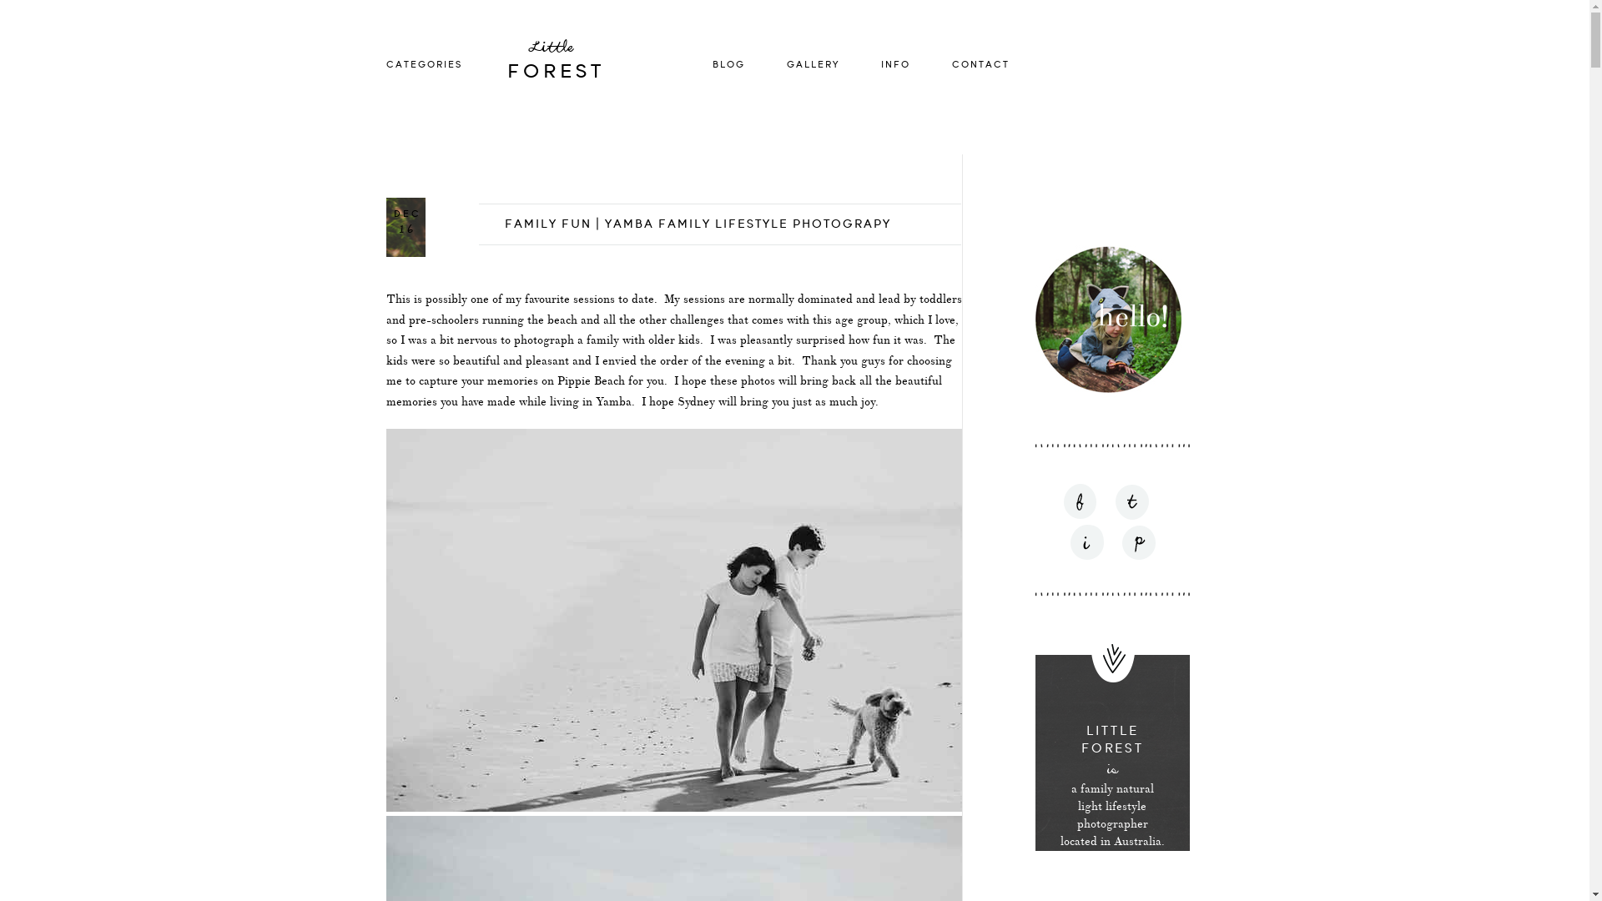 This screenshot has width=1602, height=901. I want to click on 'GALLERY', so click(812, 63).